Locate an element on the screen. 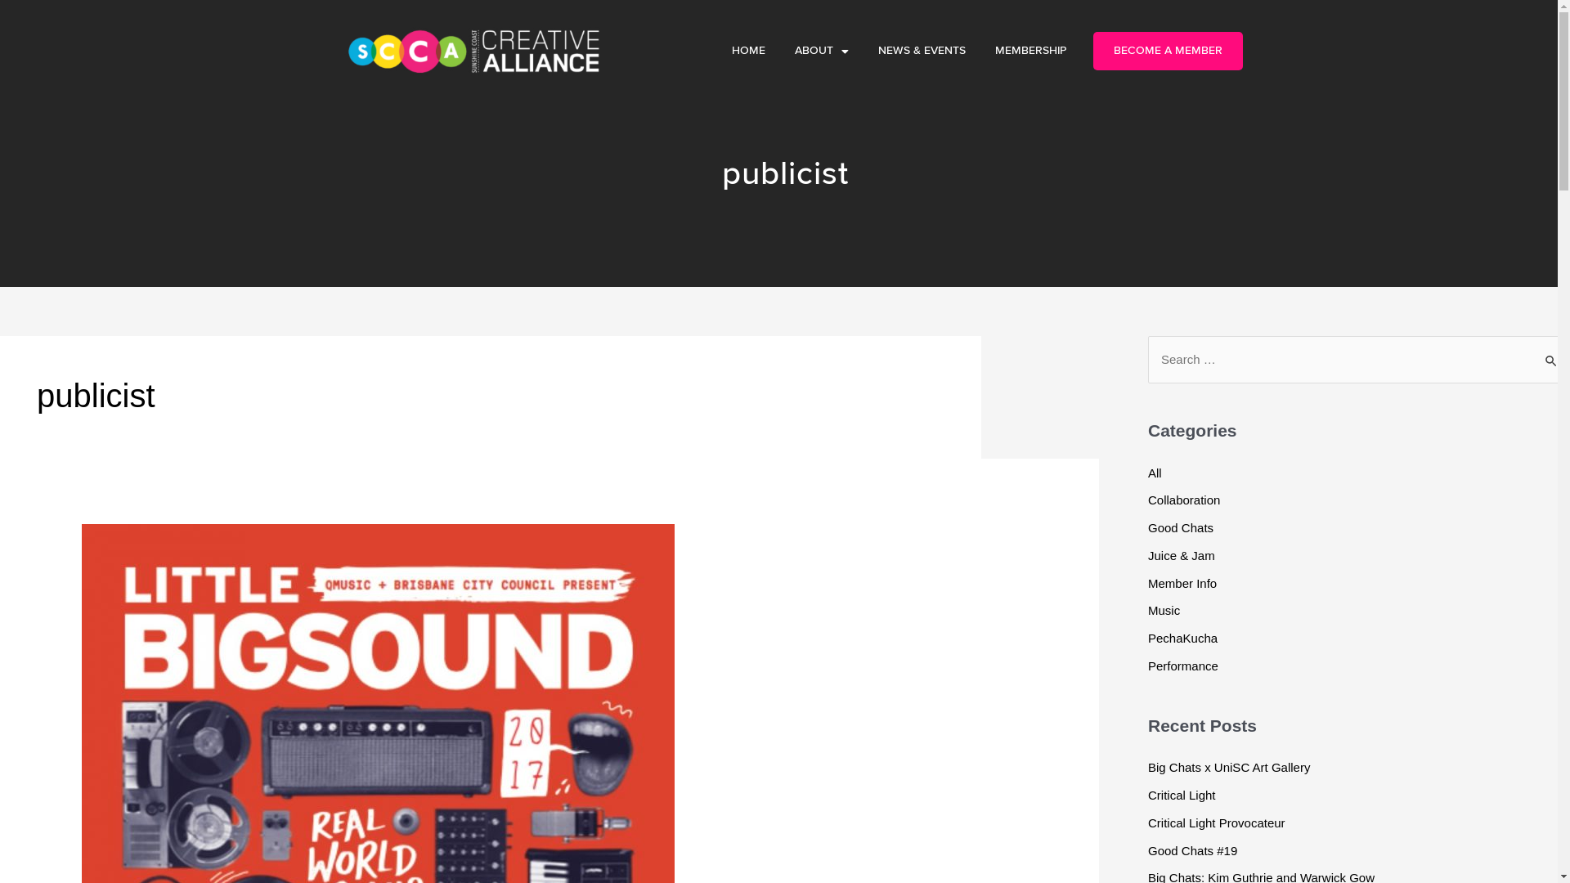 The width and height of the screenshot is (1570, 883). 'PechaKucha' is located at coordinates (1182, 637).